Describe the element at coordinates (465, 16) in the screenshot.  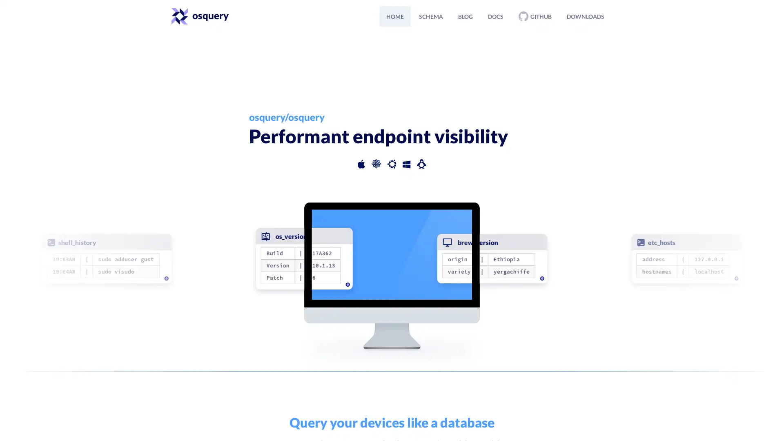
I see `BLOG` at that location.